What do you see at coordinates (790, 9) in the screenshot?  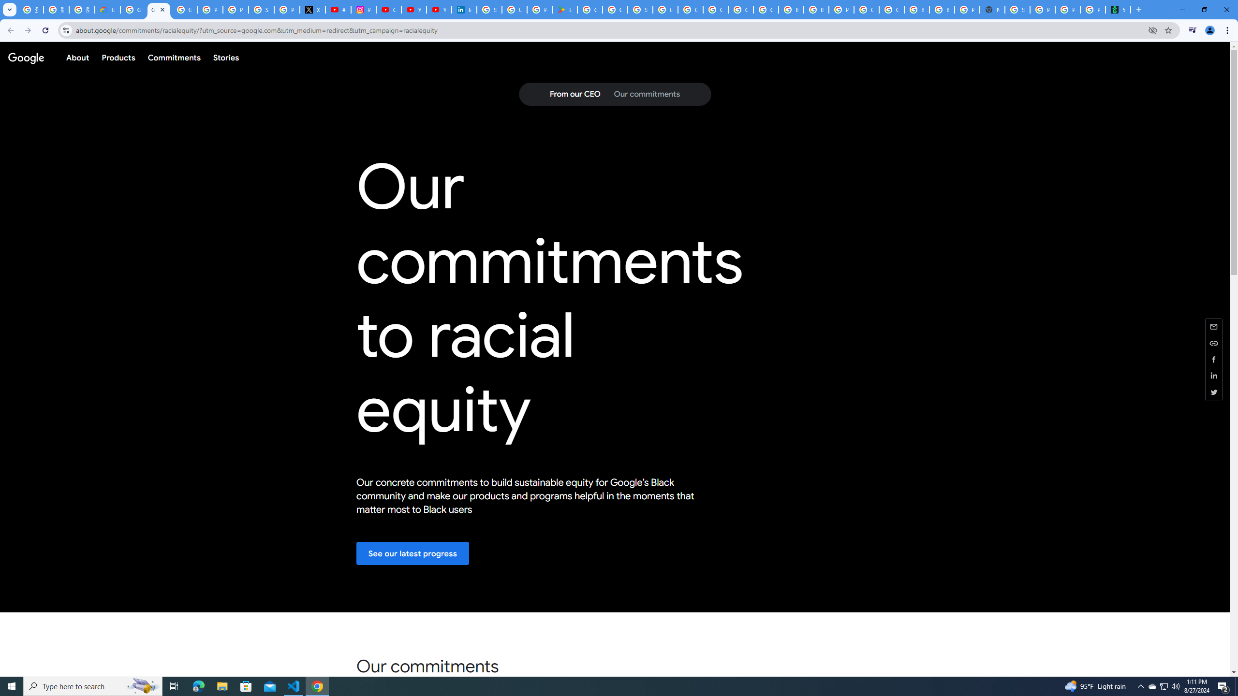 I see `'Browse Chrome as a guest - Computer - Google Chrome Help'` at bounding box center [790, 9].